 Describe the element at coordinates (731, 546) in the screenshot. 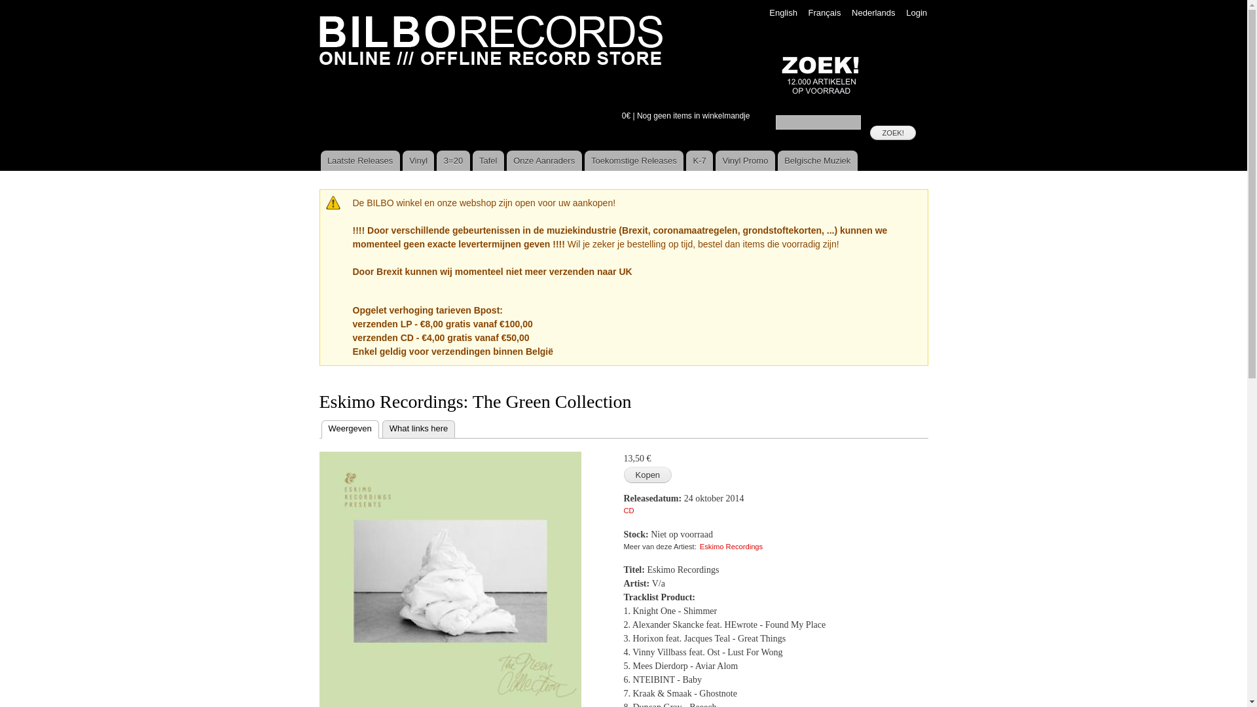

I see `'Eskimo Recordings'` at that location.